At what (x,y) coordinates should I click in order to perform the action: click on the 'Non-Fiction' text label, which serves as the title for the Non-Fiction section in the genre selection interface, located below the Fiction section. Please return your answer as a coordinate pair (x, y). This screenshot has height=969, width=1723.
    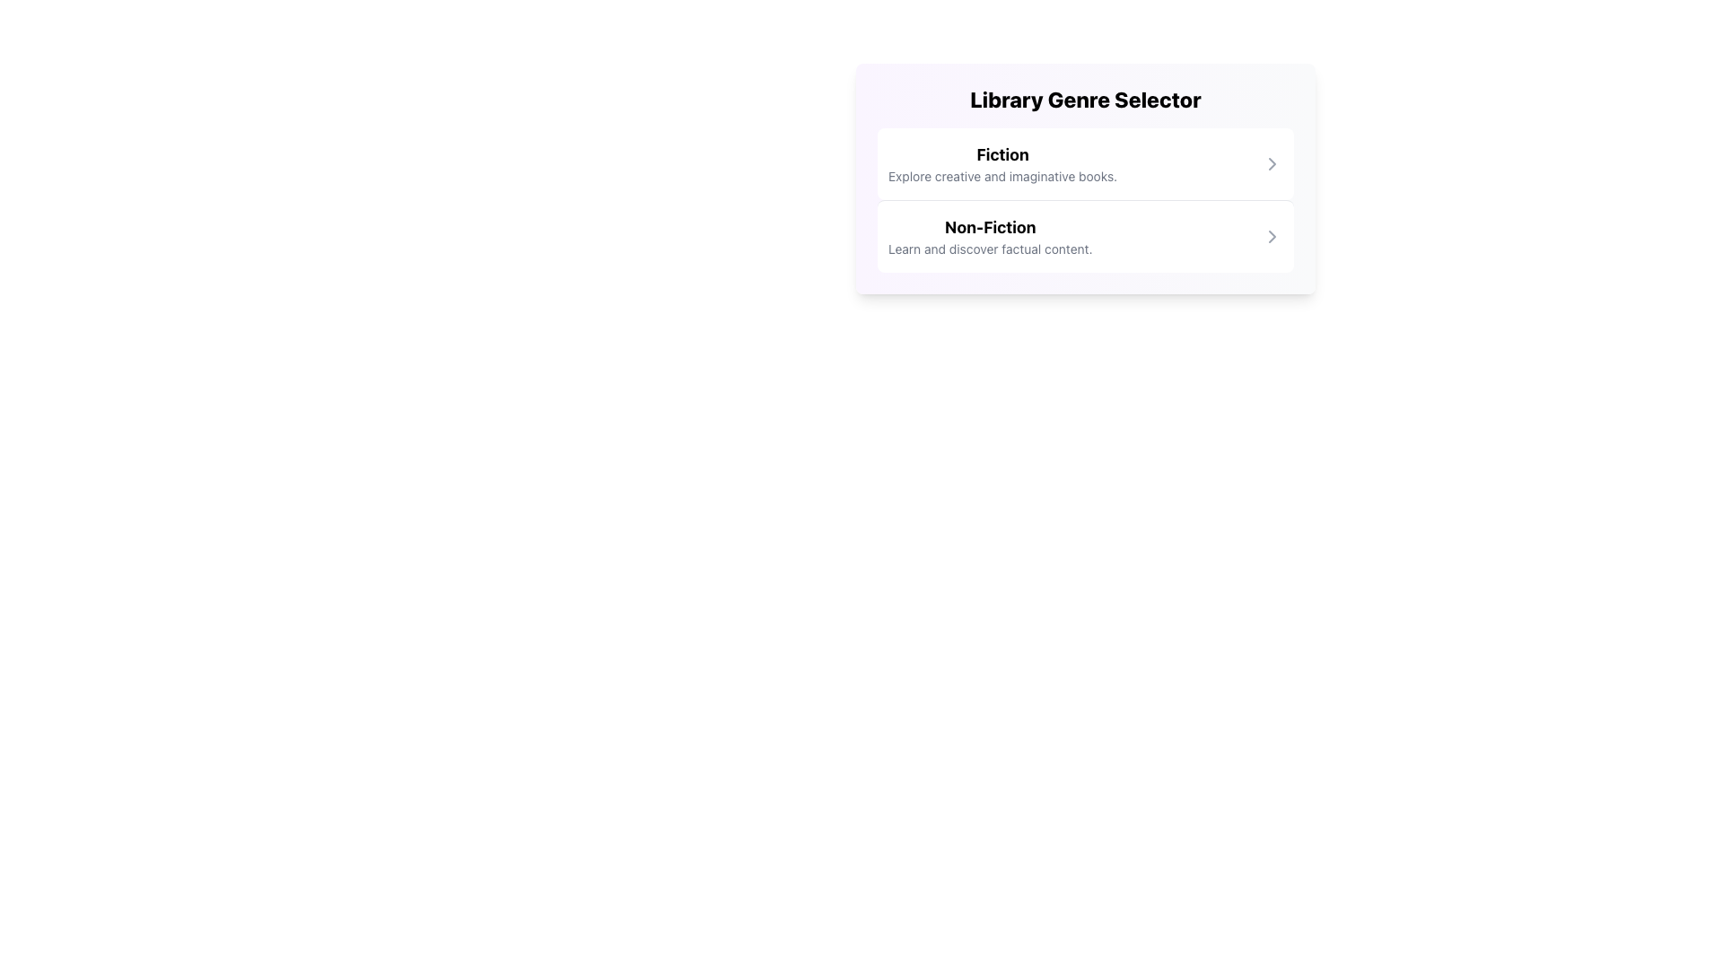
    Looking at the image, I should click on (989, 227).